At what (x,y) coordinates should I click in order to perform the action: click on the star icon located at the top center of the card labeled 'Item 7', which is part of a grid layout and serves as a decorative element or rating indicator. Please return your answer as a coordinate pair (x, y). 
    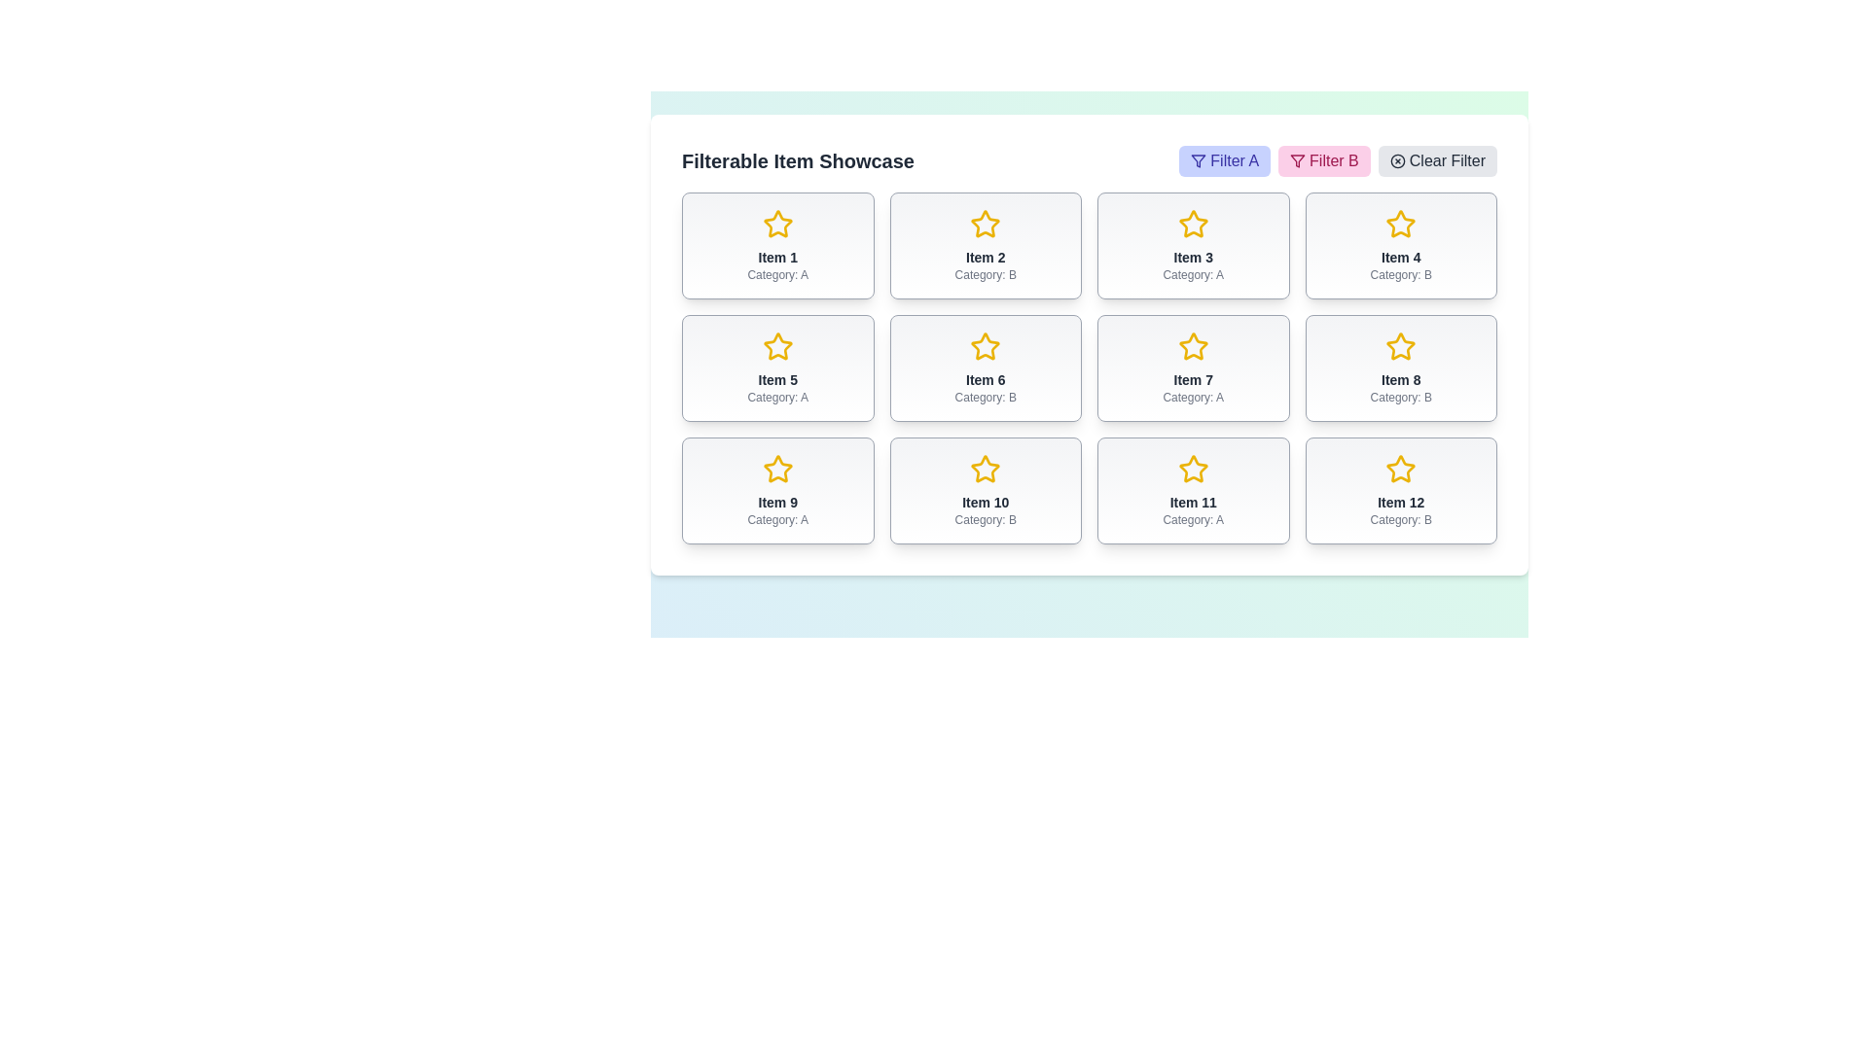
    Looking at the image, I should click on (1192, 346).